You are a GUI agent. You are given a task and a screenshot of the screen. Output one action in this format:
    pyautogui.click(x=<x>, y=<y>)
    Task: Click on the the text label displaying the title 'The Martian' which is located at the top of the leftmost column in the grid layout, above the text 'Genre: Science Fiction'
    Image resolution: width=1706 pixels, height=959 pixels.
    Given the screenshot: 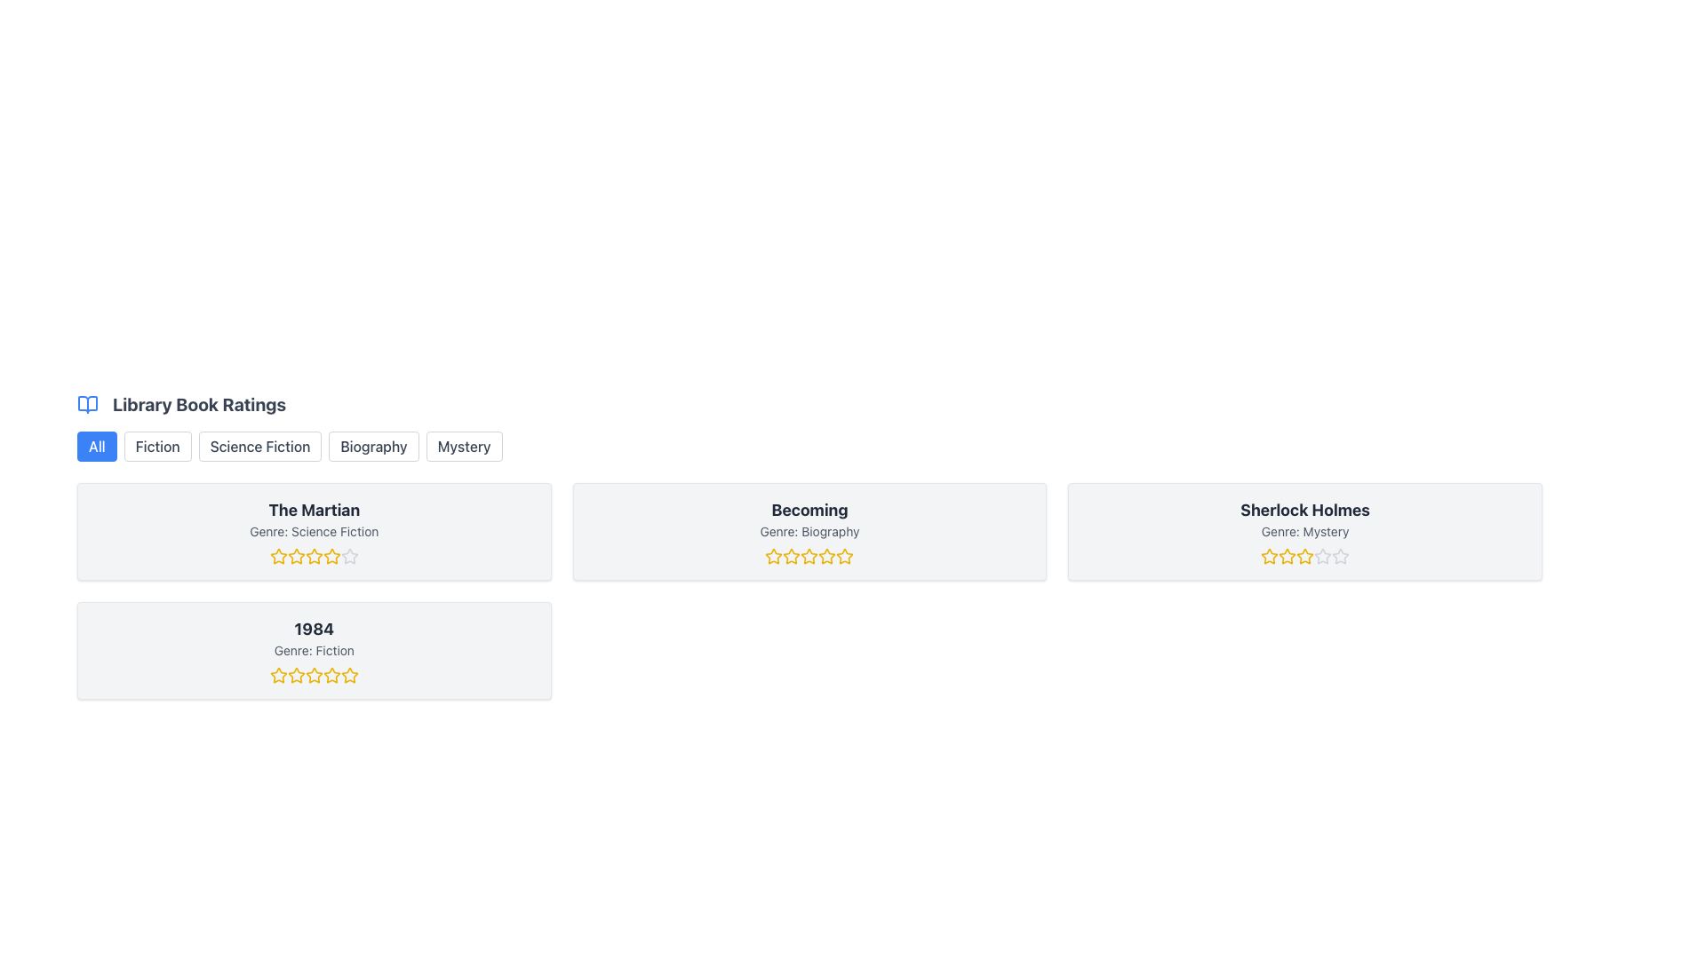 What is the action you would take?
    pyautogui.click(x=314, y=510)
    